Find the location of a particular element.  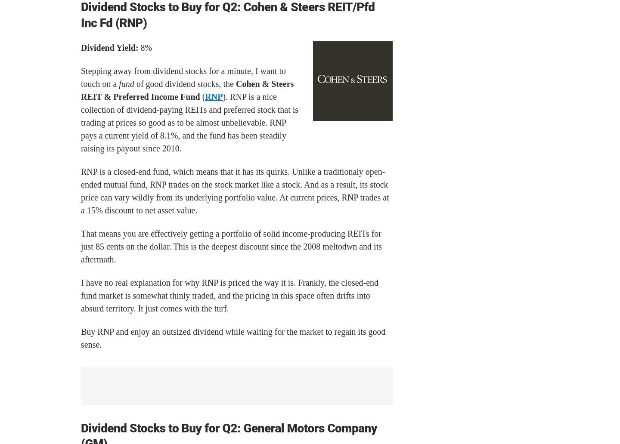

'Dividend Yield:' is located at coordinates (109, 48).